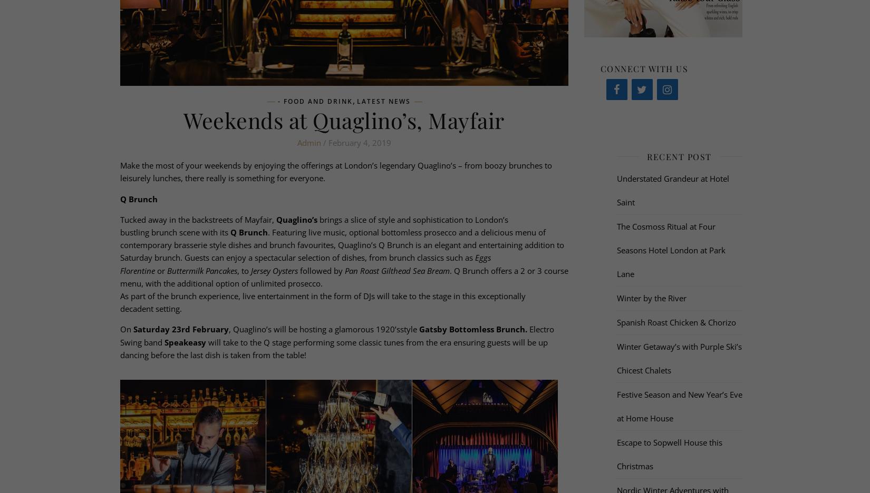 This screenshot has height=493, width=870. What do you see at coordinates (678, 358) in the screenshot?
I see `'Winter Getaway’s with Purple Ski’s Chicest Chalets'` at bounding box center [678, 358].